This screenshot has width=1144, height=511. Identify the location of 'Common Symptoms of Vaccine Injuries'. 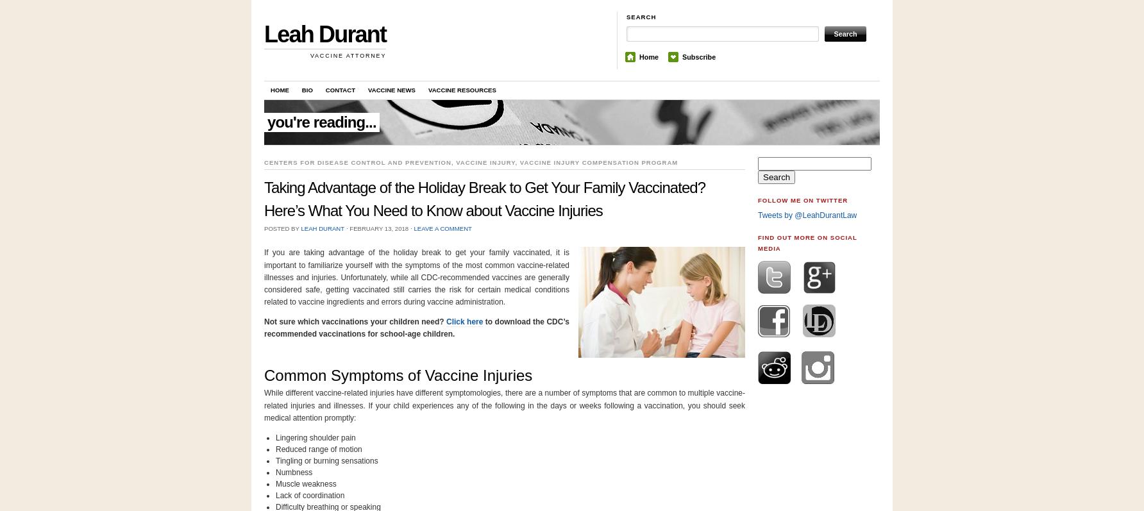
(398, 375).